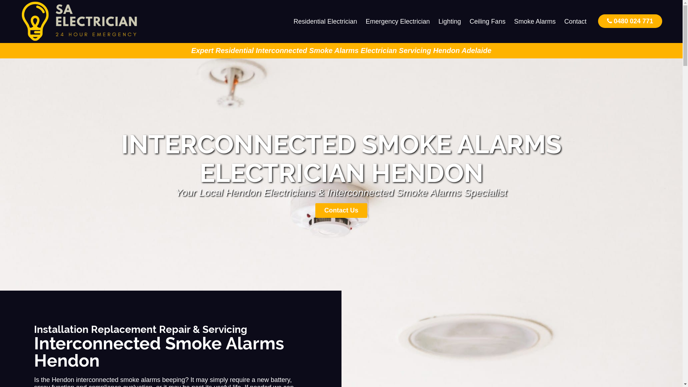 This screenshot has width=688, height=387. What do you see at coordinates (465, 21) in the screenshot?
I see `'Ceiling Fans'` at bounding box center [465, 21].